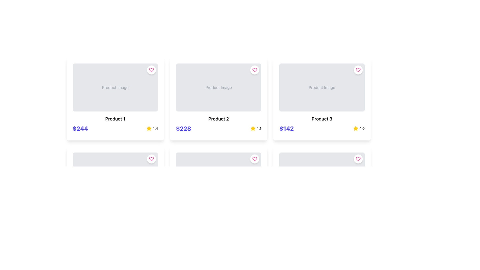 Image resolution: width=480 pixels, height=270 pixels. I want to click on the star icon located in the third product card from the left in the first row, so click(355, 128).